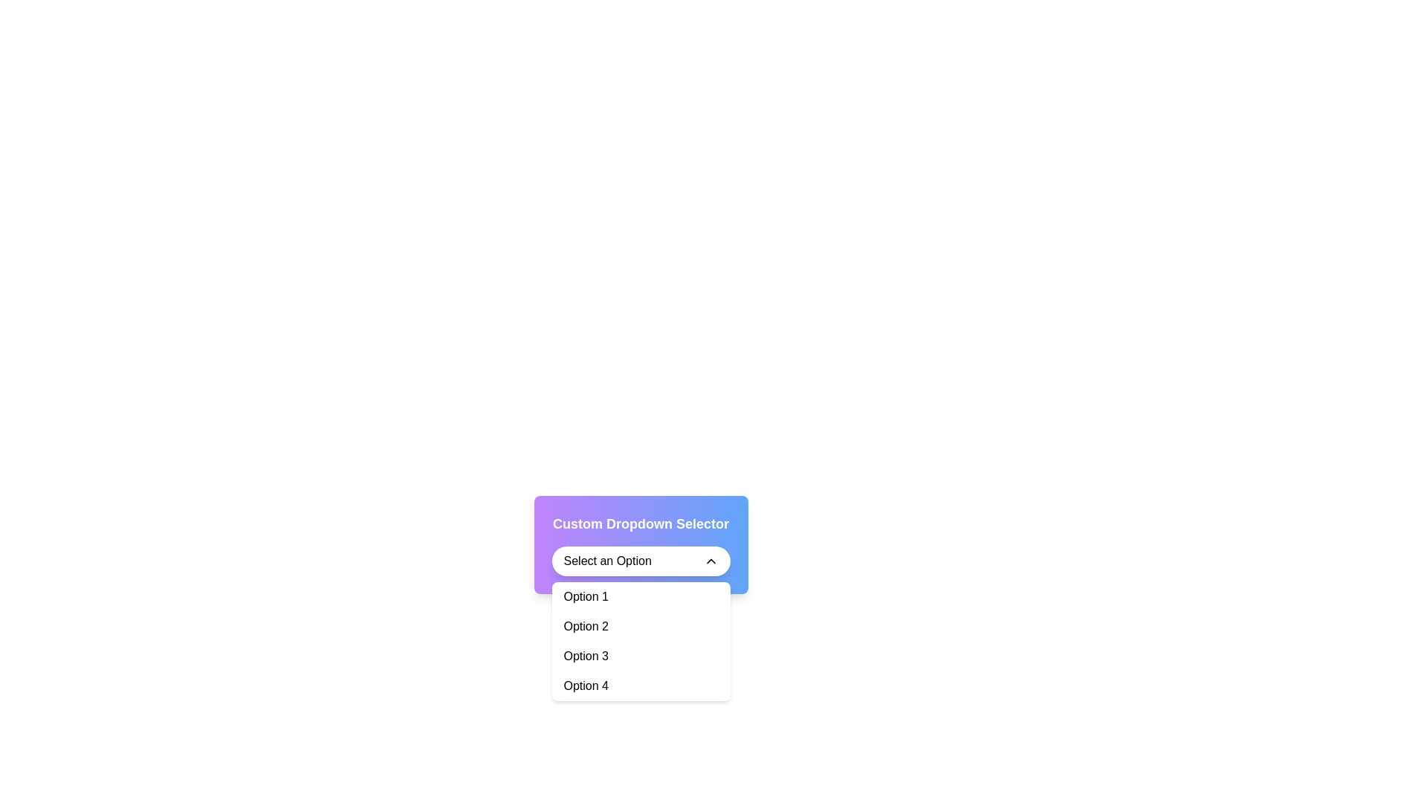  What do you see at coordinates (641, 641) in the screenshot?
I see `the third selectable option in the dropdown menu located below the 'Select an Option' button` at bounding box center [641, 641].